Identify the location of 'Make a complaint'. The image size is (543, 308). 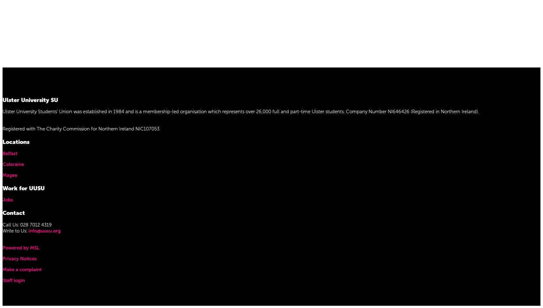
(2, 269).